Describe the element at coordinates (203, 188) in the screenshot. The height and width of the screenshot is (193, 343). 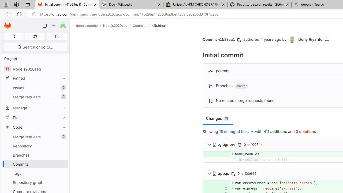
I see `'Add a comment to this line'` at that location.